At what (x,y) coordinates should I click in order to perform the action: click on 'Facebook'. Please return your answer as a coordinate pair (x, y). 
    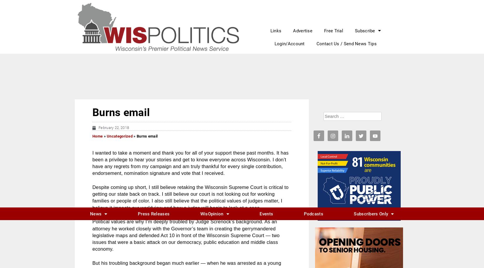
    Looking at the image, I should click on (112, 170).